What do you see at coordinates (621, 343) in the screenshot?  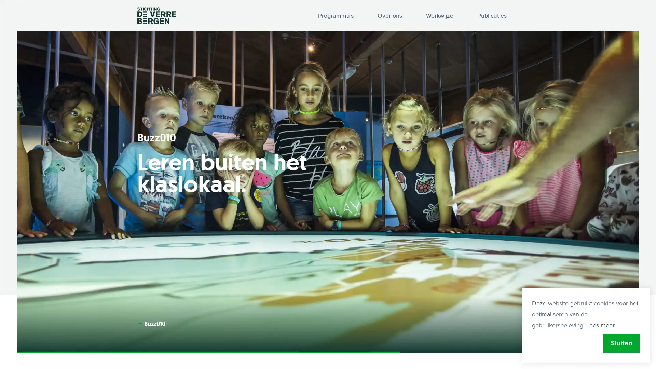 I see `dismiss cookie message` at bounding box center [621, 343].